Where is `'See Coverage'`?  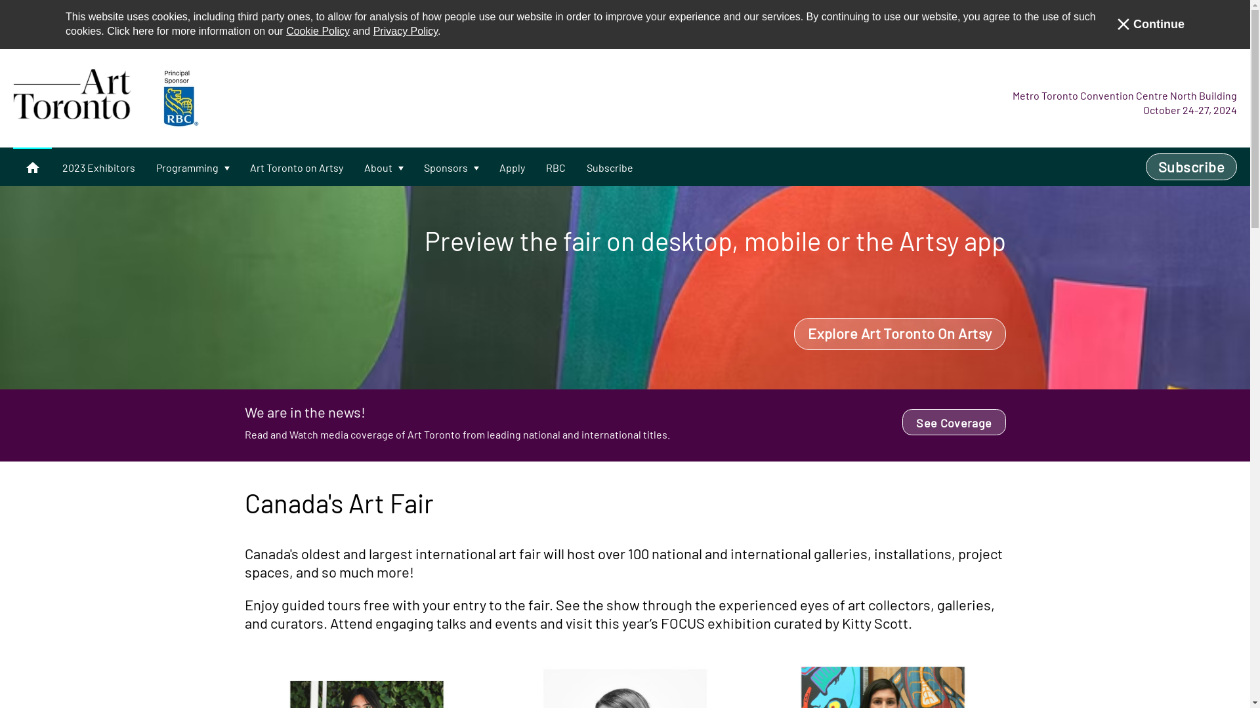
'See Coverage' is located at coordinates (954, 422).